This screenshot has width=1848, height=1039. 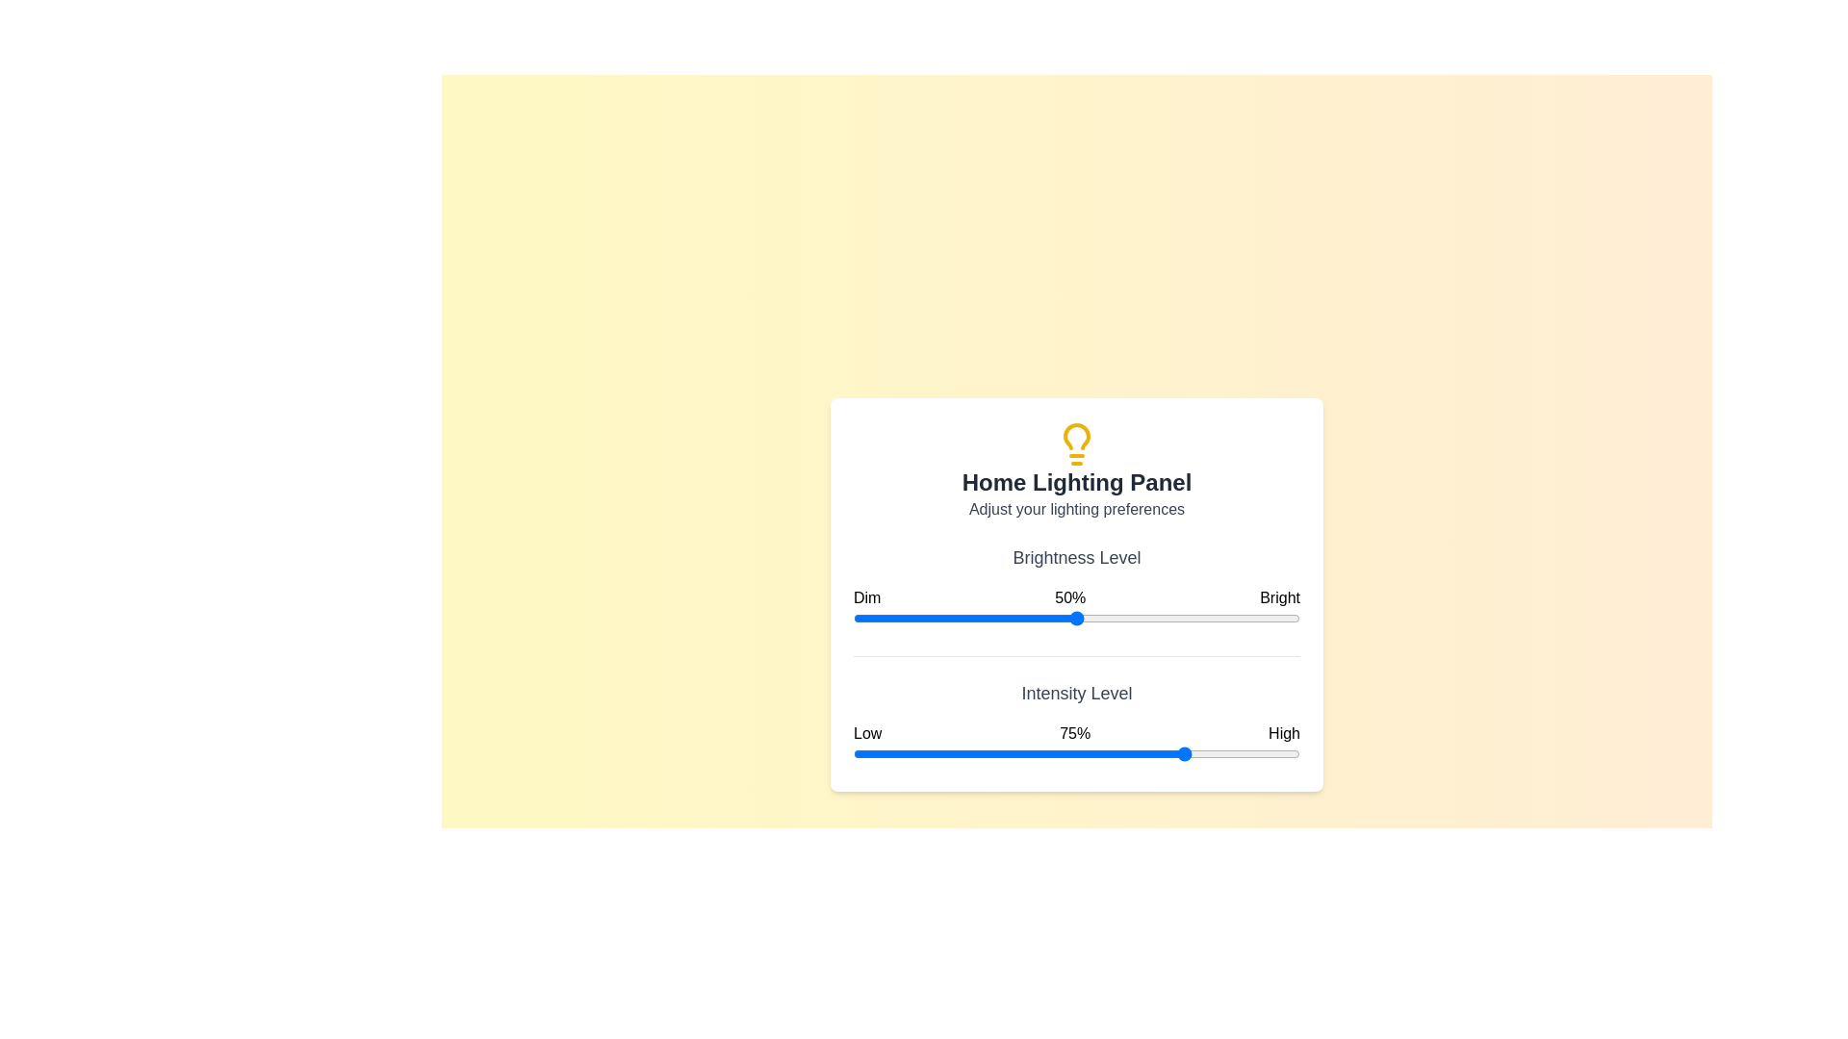 What do you see at coordinates (938, 618) in the screenshot?
I see `brightness` at bounding box center [938, 618].